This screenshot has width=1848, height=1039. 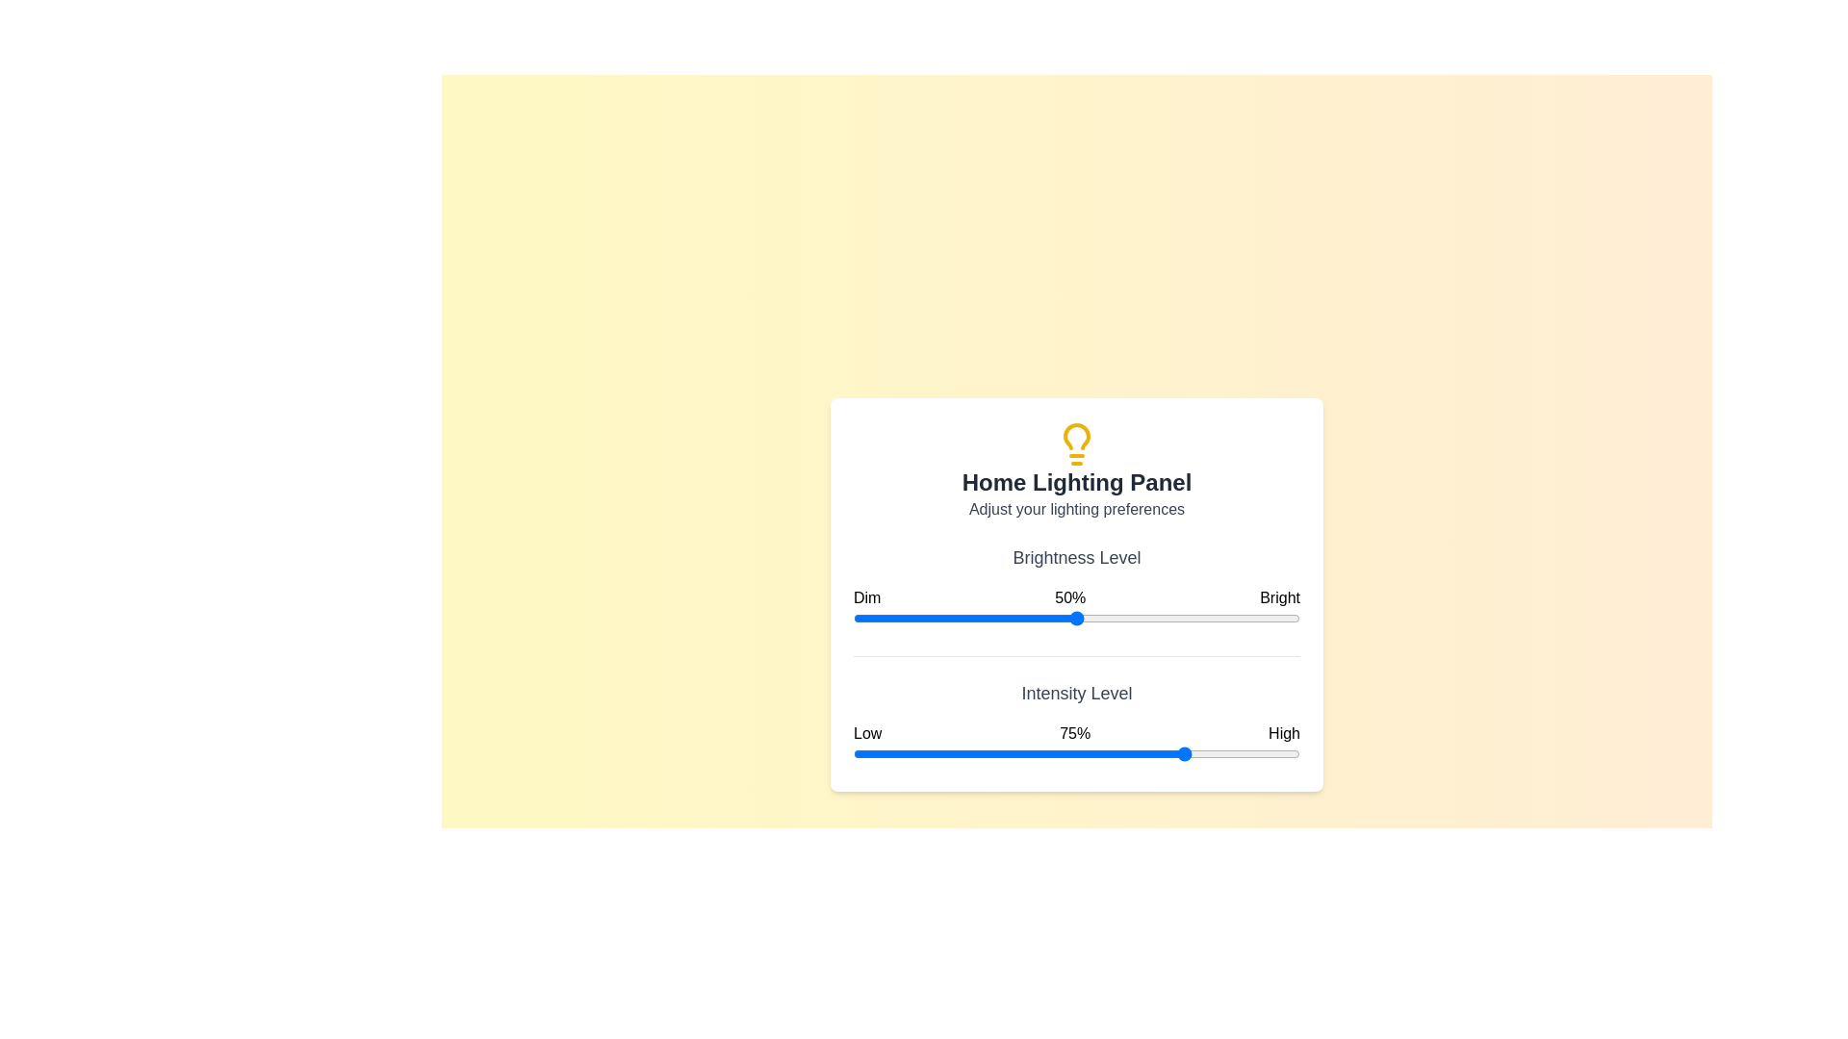 What do you see at coordinates (938, 618) in the screenshot?
I see `brightness` at bounding box center [938, 618].